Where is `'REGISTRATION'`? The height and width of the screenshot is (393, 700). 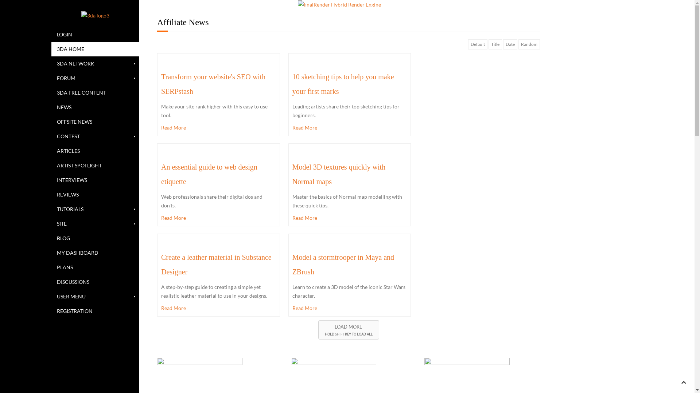
'REGISTRATION' is located at coordinates (94, 311).